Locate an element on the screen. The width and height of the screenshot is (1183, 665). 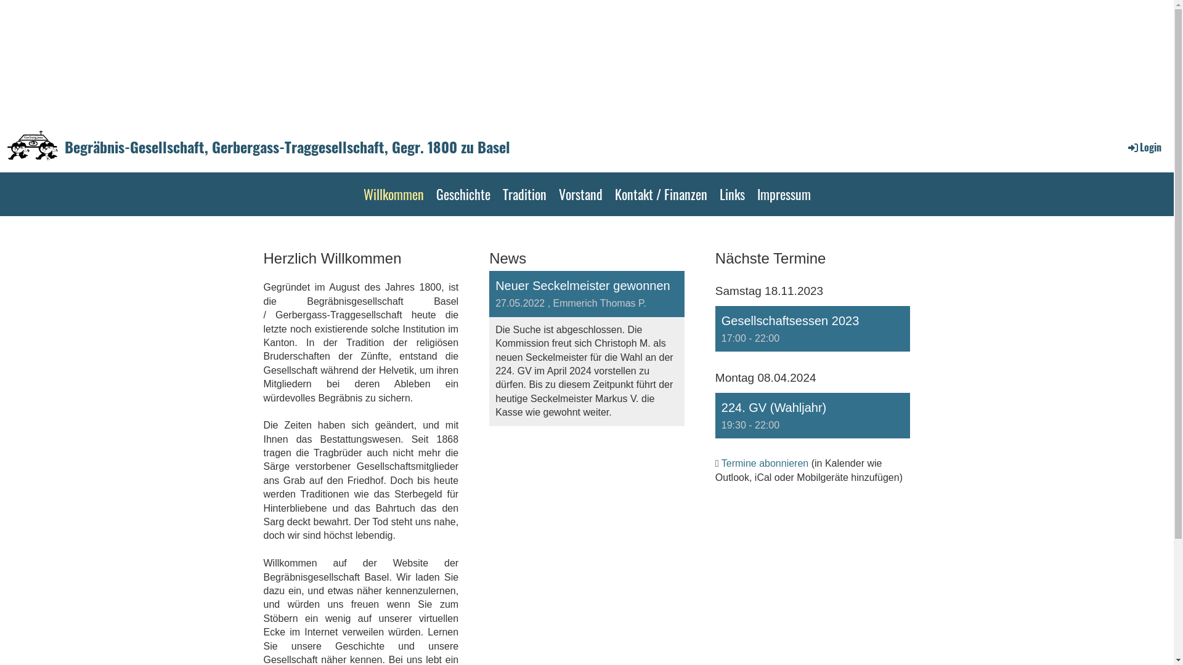
'Termine abonnieren' is located at coordinates (764, 463).